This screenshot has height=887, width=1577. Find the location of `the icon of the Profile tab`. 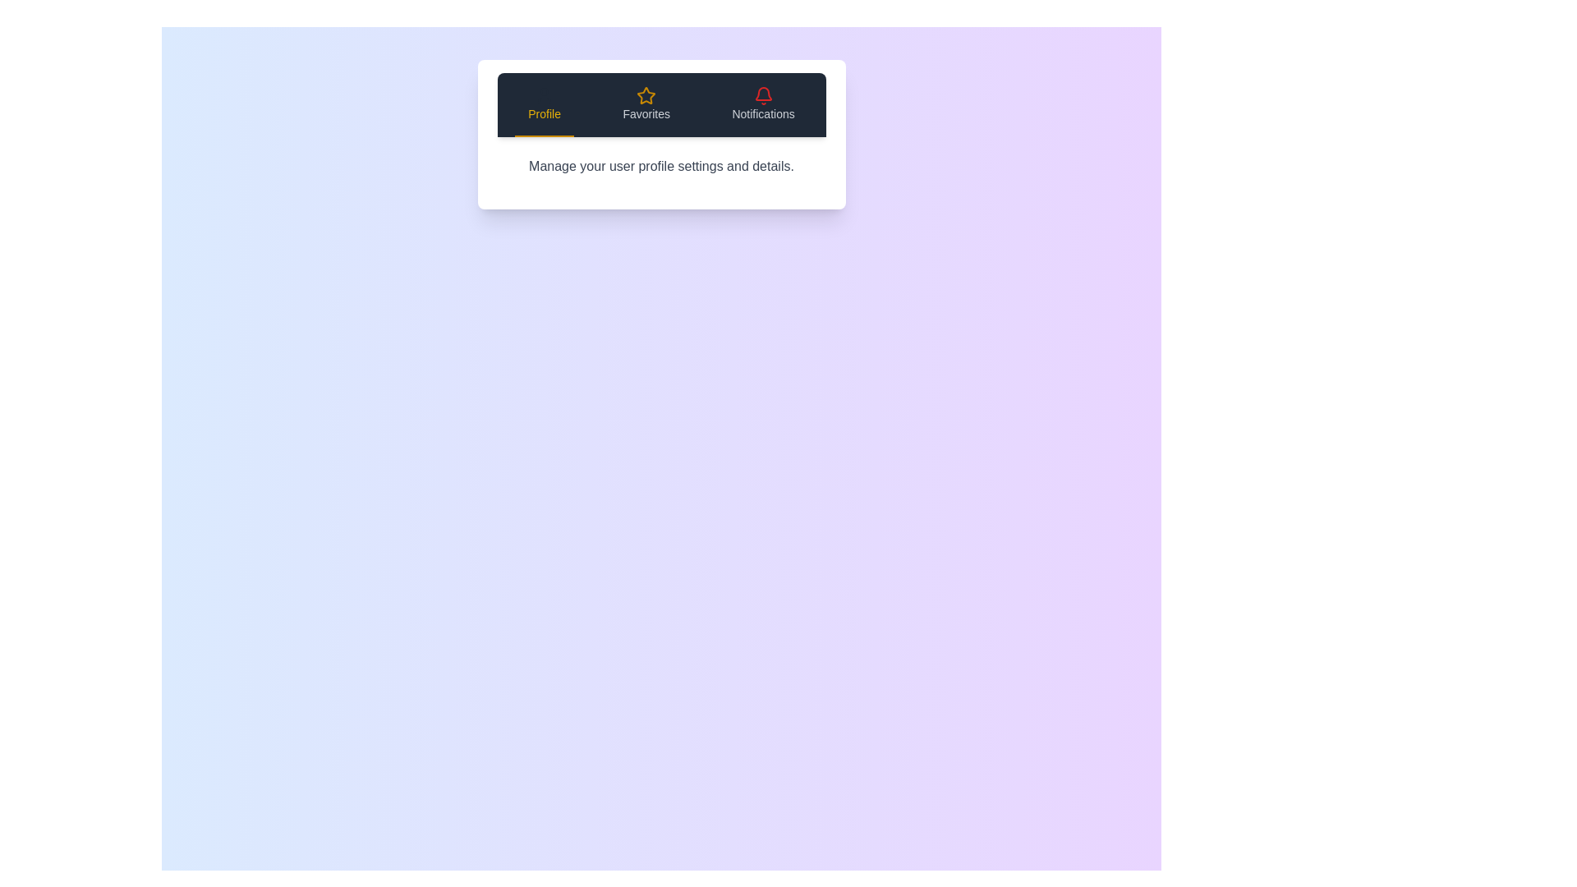

the icon of the Profile tab is located at coordinates (545, 95).